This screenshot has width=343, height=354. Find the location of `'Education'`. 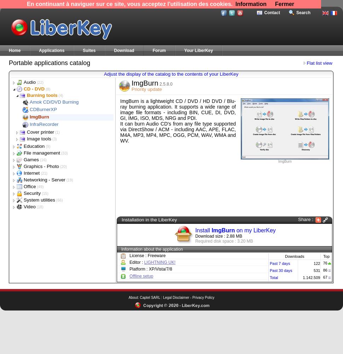

'Education' is located at coordinates (34, 146).